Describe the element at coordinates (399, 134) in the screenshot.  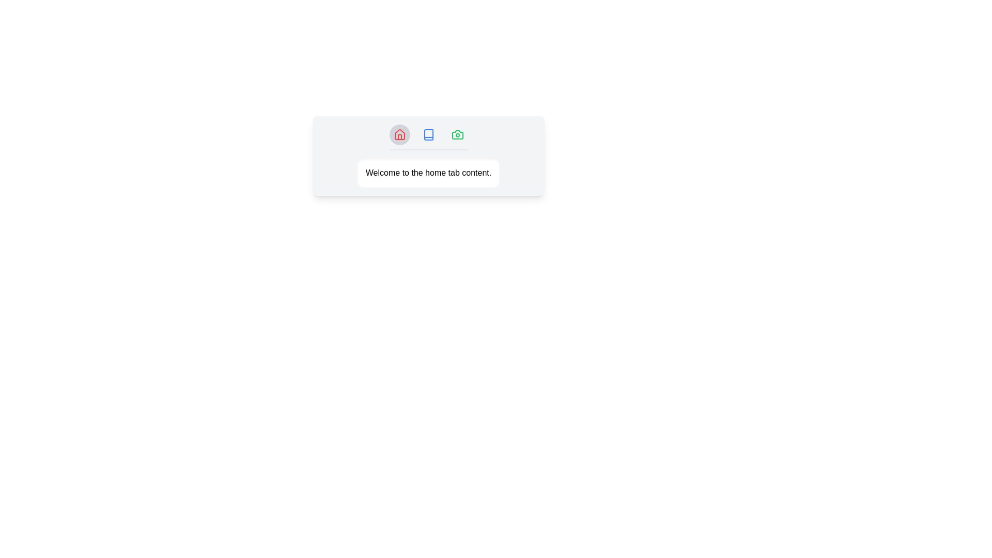
I see `the tab icon corresponding to Home to switch to that tab` at that location.